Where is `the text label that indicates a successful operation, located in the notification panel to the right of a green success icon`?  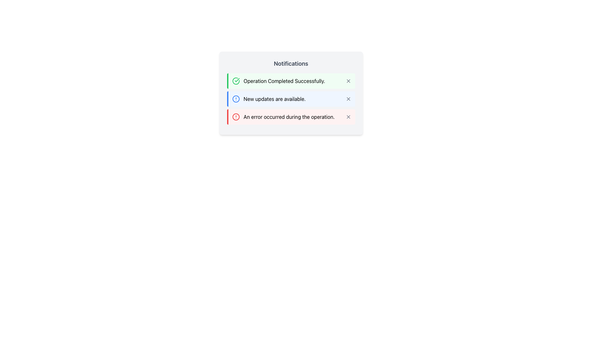
the text label that indicates a successful operation, located in the notification panel to the right of a green success icon is located at coordinates (284, 81).